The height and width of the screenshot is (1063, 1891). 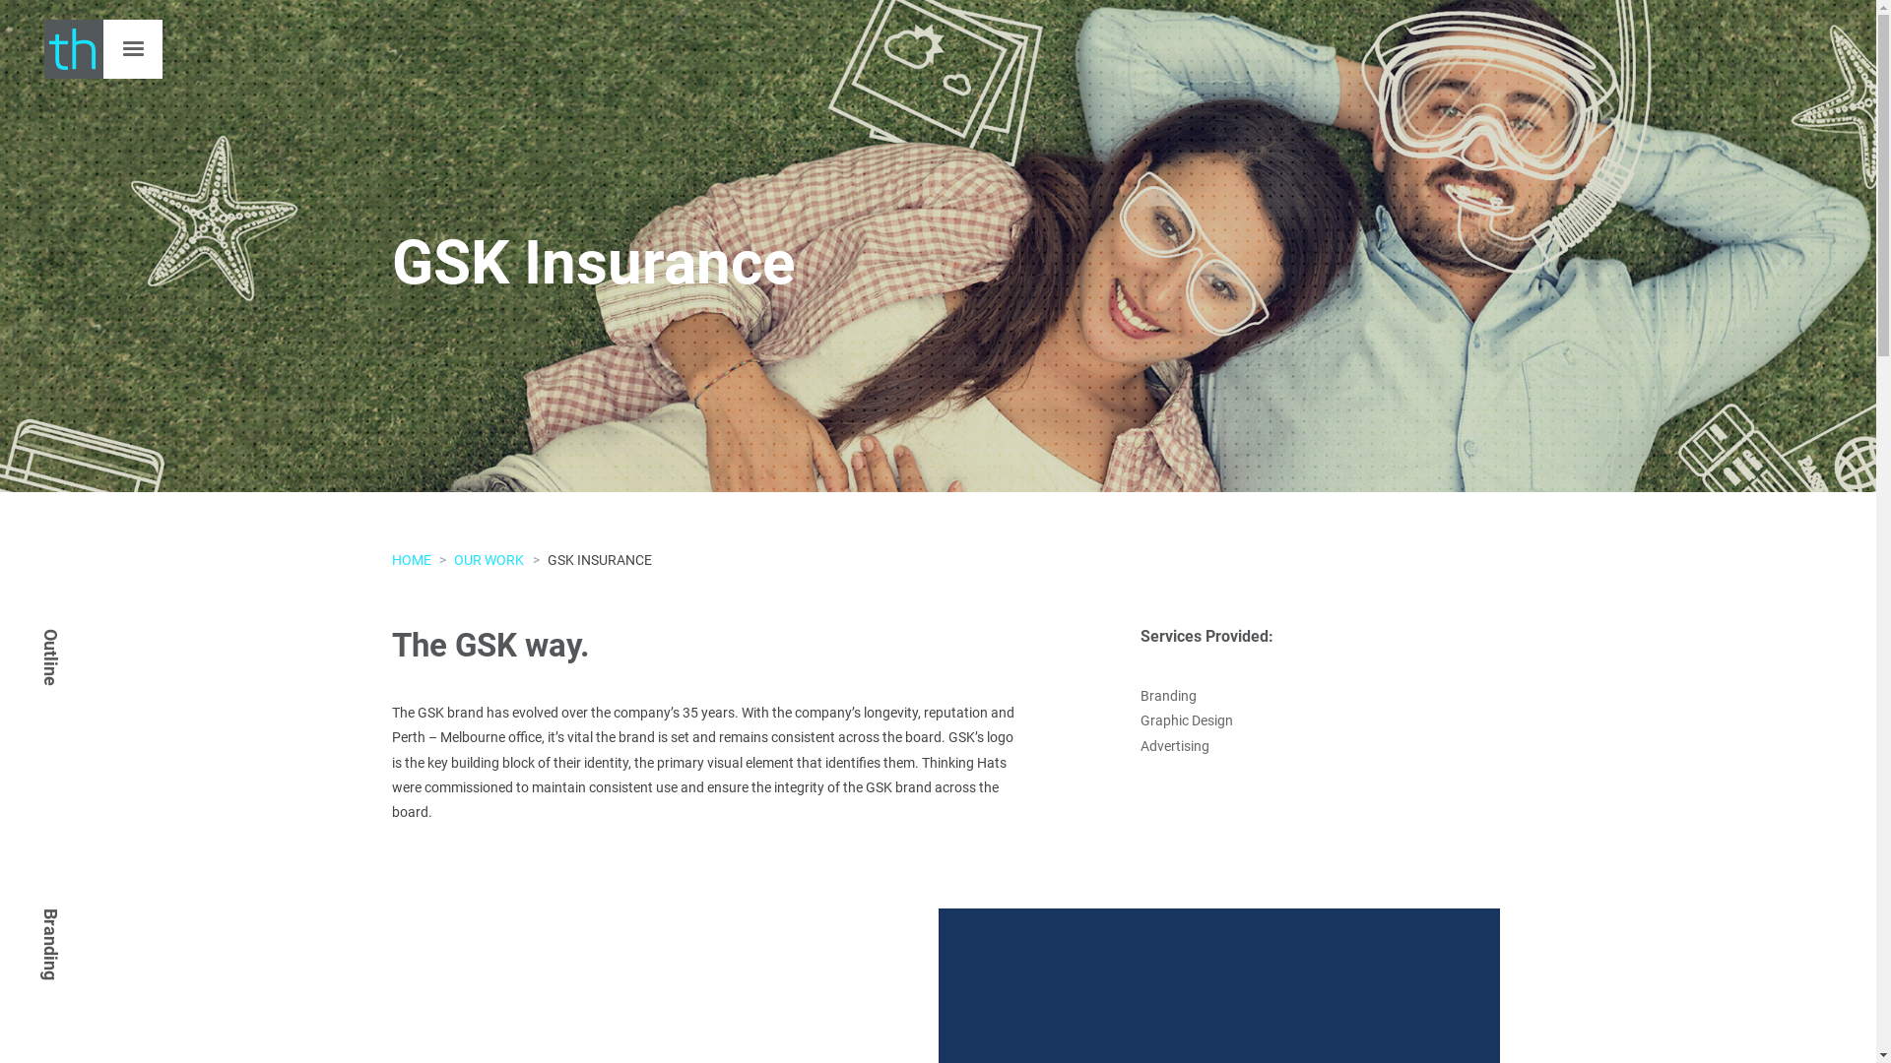 I want to click on 'HOME', so click(x=410, y=560).